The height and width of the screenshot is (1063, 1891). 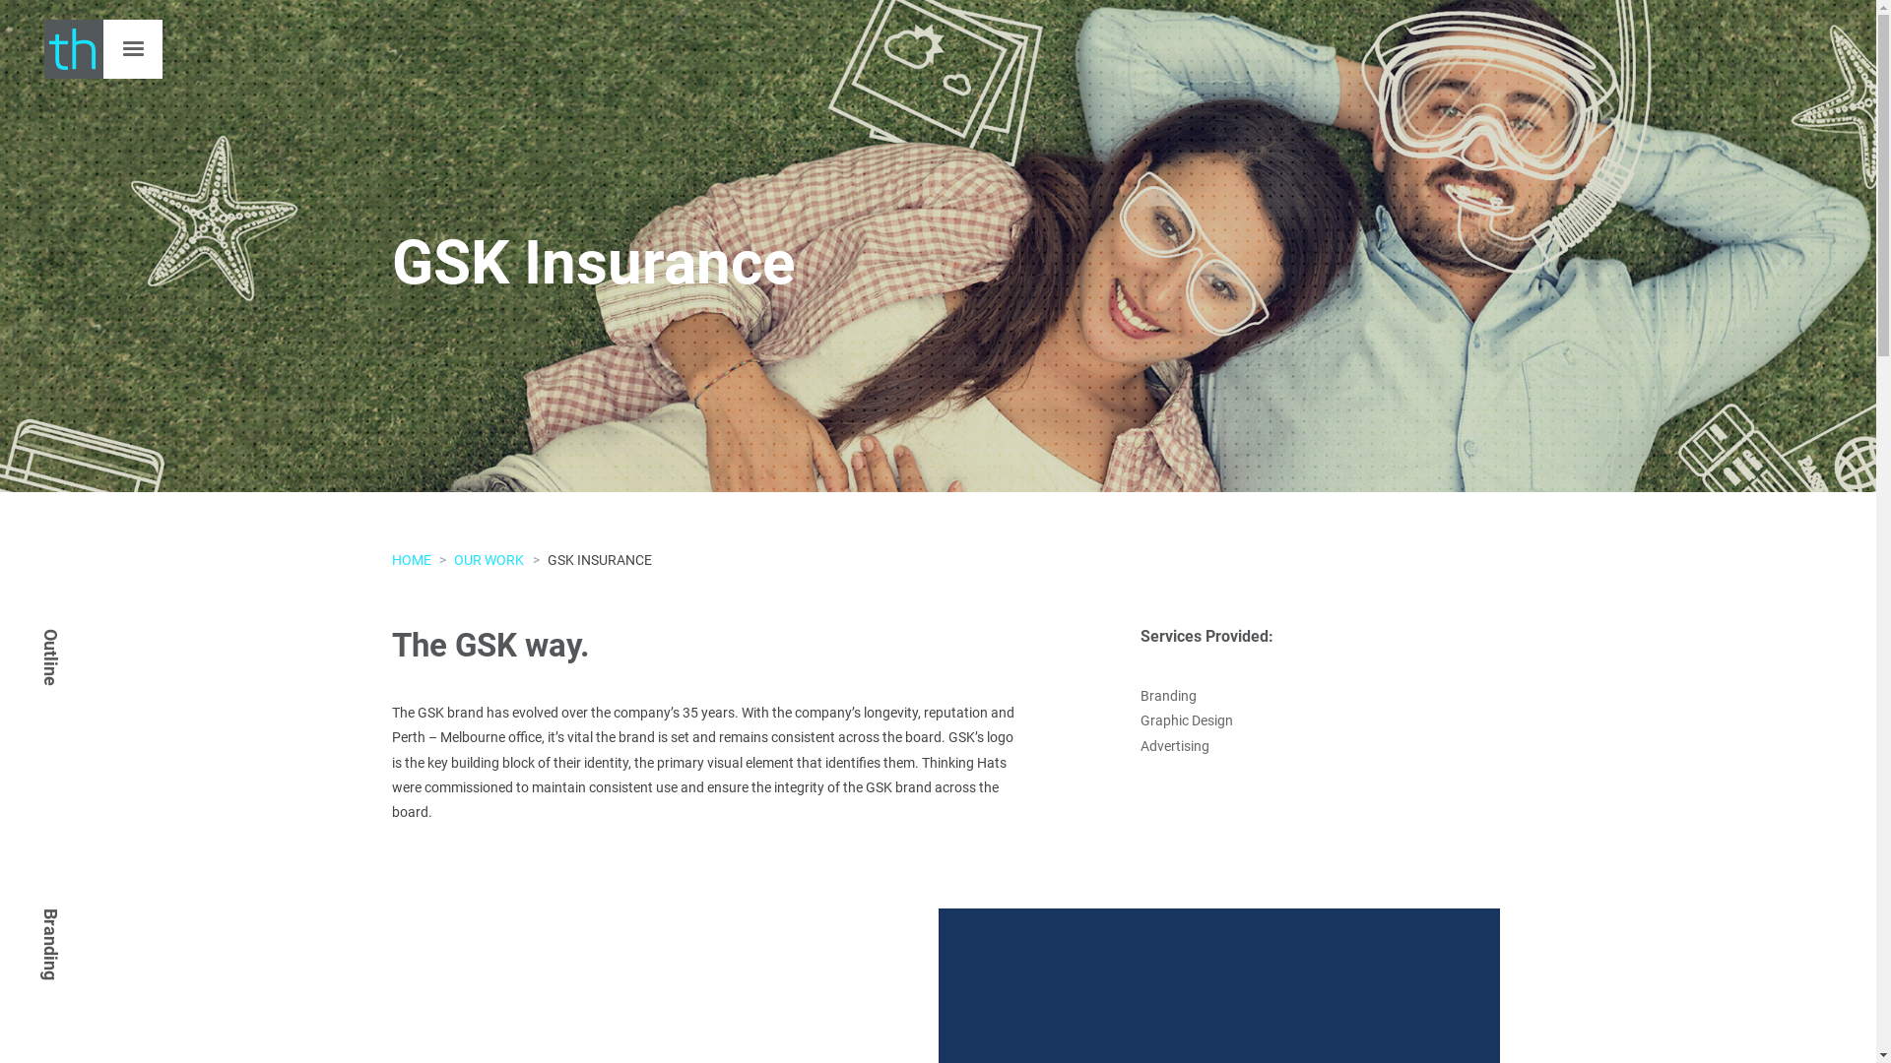 I want to click on 'HOME', so click(x=410, y=560).